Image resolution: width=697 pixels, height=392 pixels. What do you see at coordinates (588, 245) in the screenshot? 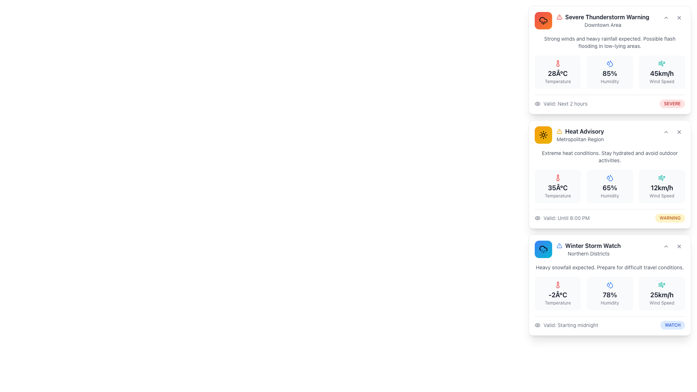
I see `alert title 'Winter Storm Watch' which is a bold text label next to a blue alert icon in the weather notification interface` at bounding box center [588, 245].